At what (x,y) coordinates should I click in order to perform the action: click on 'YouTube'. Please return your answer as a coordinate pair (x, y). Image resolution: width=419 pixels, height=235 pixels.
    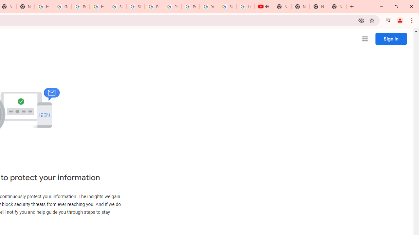
    Looking at the image, I should click on (209, 7).